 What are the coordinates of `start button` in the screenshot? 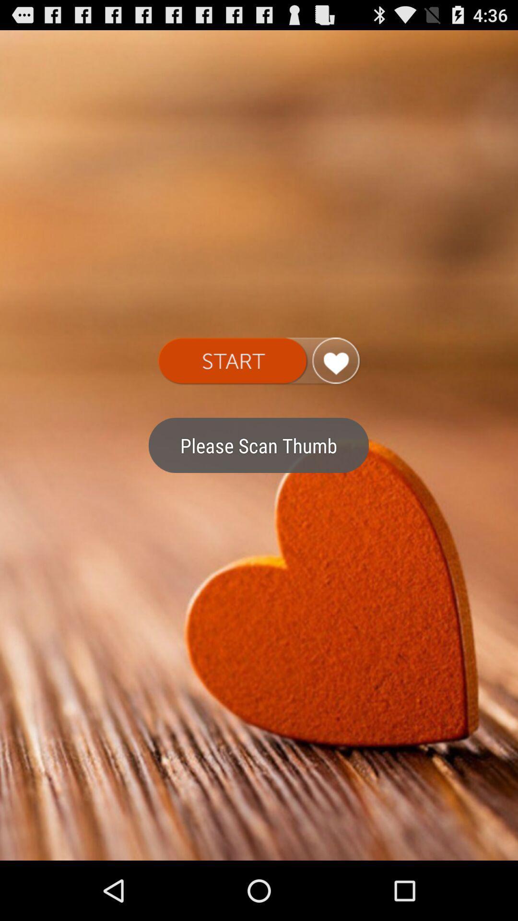 It's located at (258, 361).